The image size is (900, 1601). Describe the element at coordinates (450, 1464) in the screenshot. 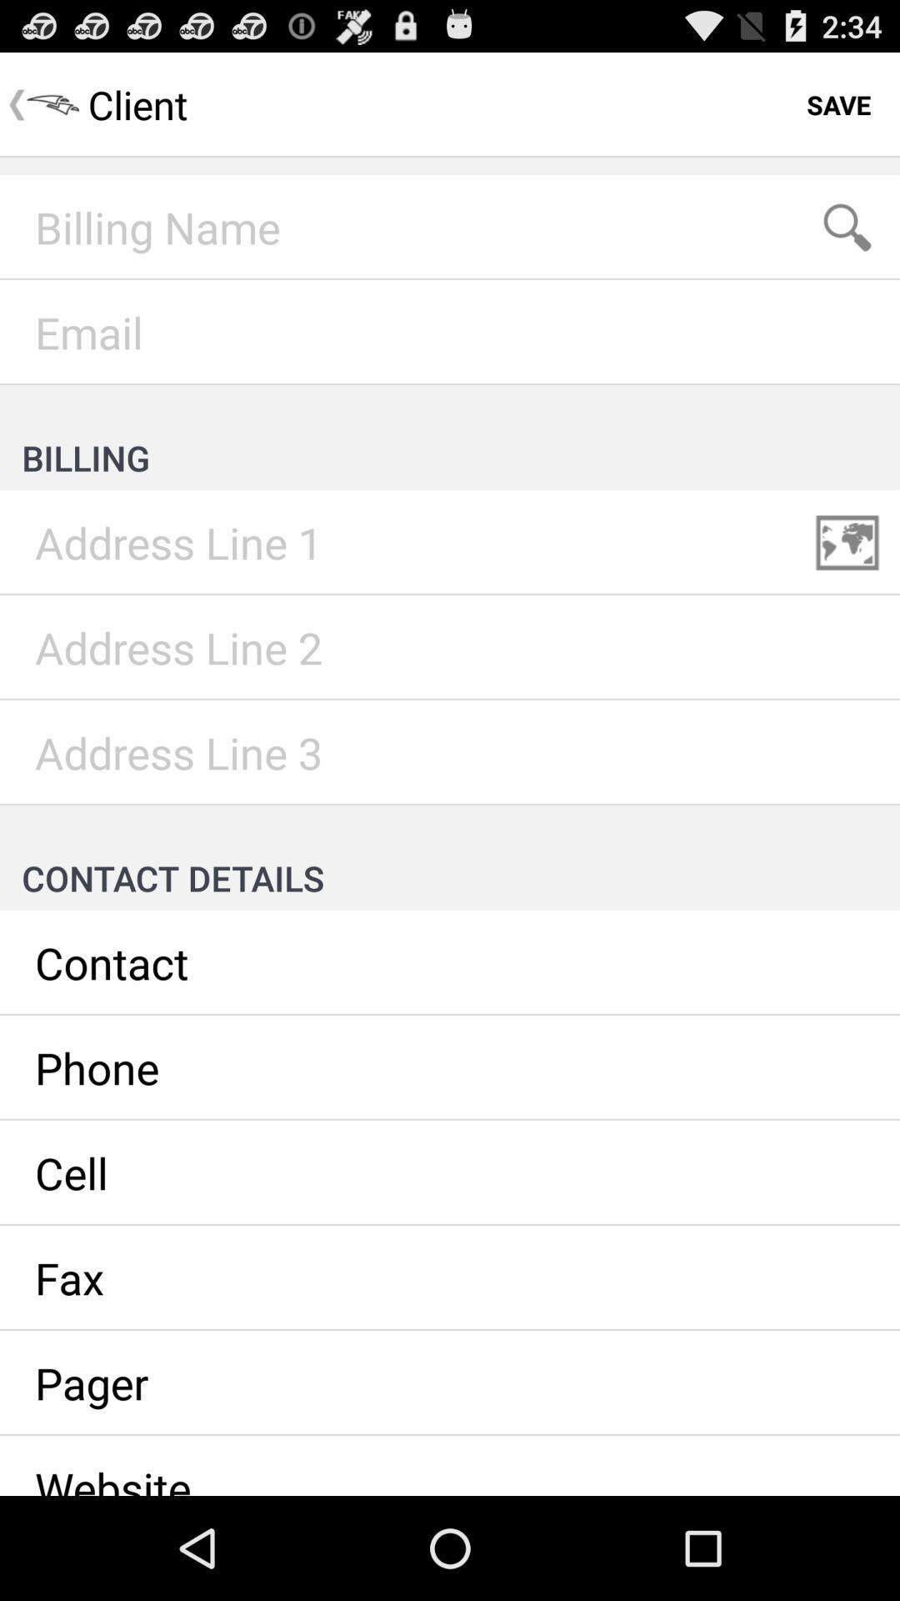

I see `website button` at that location.